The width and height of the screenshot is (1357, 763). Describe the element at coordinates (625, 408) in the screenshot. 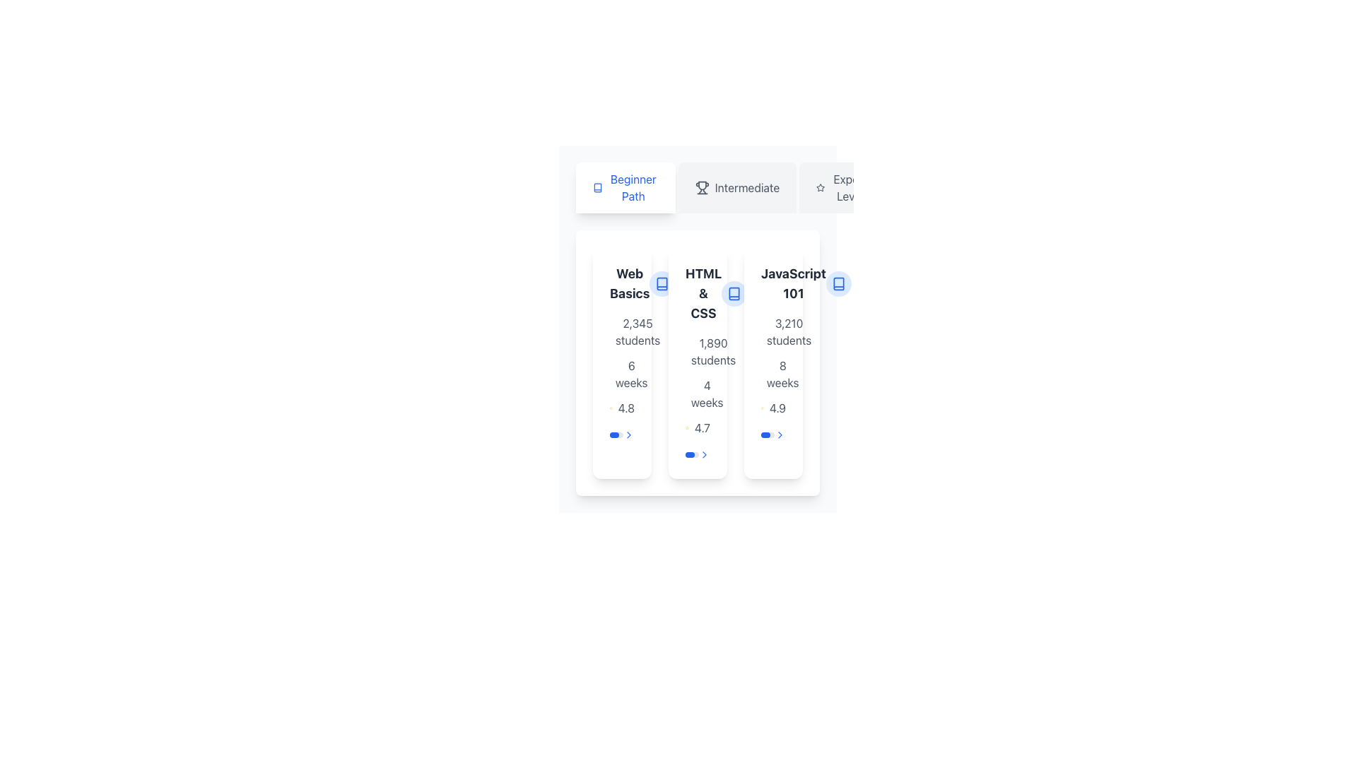

I see `the static text displaying the numerical rating score for the course located under the 'HTML & CSS' section` at that location.